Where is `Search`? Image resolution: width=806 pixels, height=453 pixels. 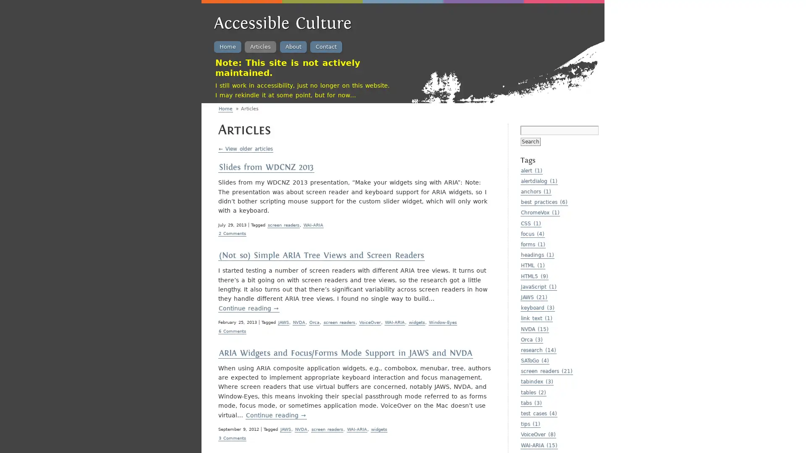 Search is located at coordinates (530, 141).